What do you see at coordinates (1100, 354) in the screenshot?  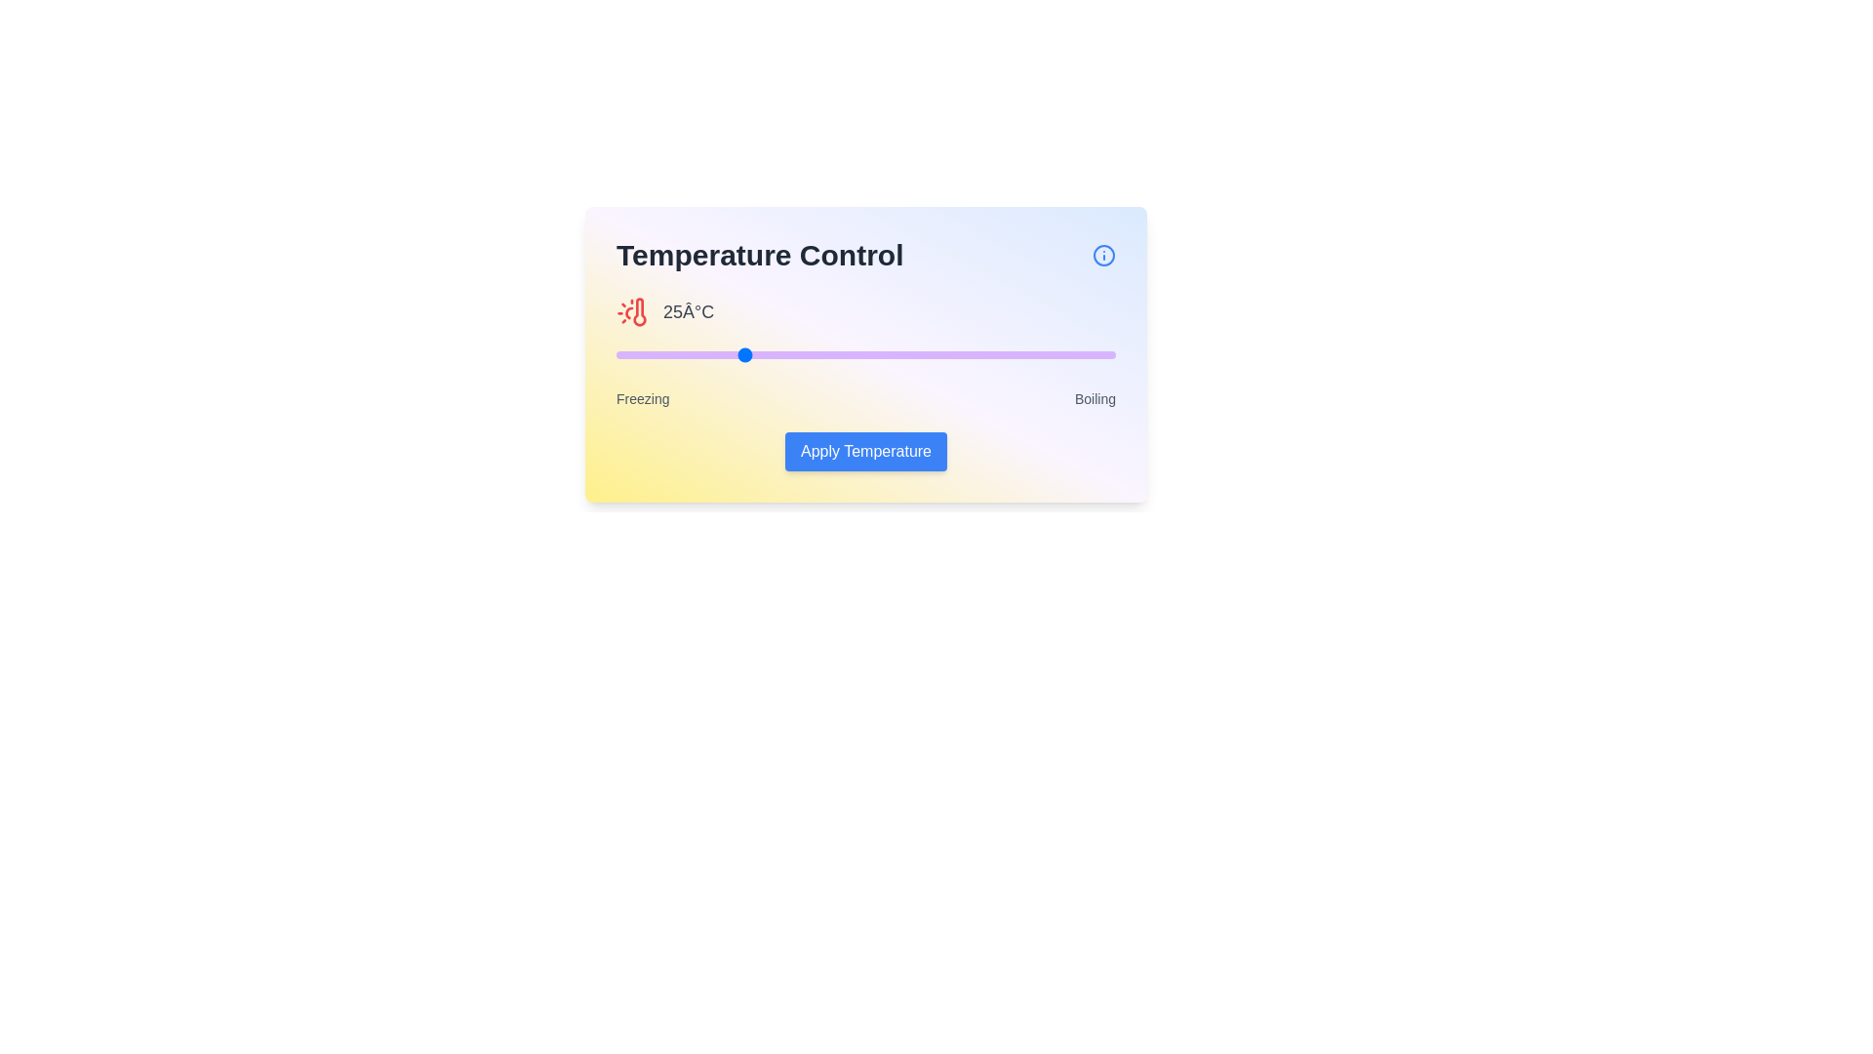 I see `the temperature slider to 97 percent` at bounding box center [1100, 354].